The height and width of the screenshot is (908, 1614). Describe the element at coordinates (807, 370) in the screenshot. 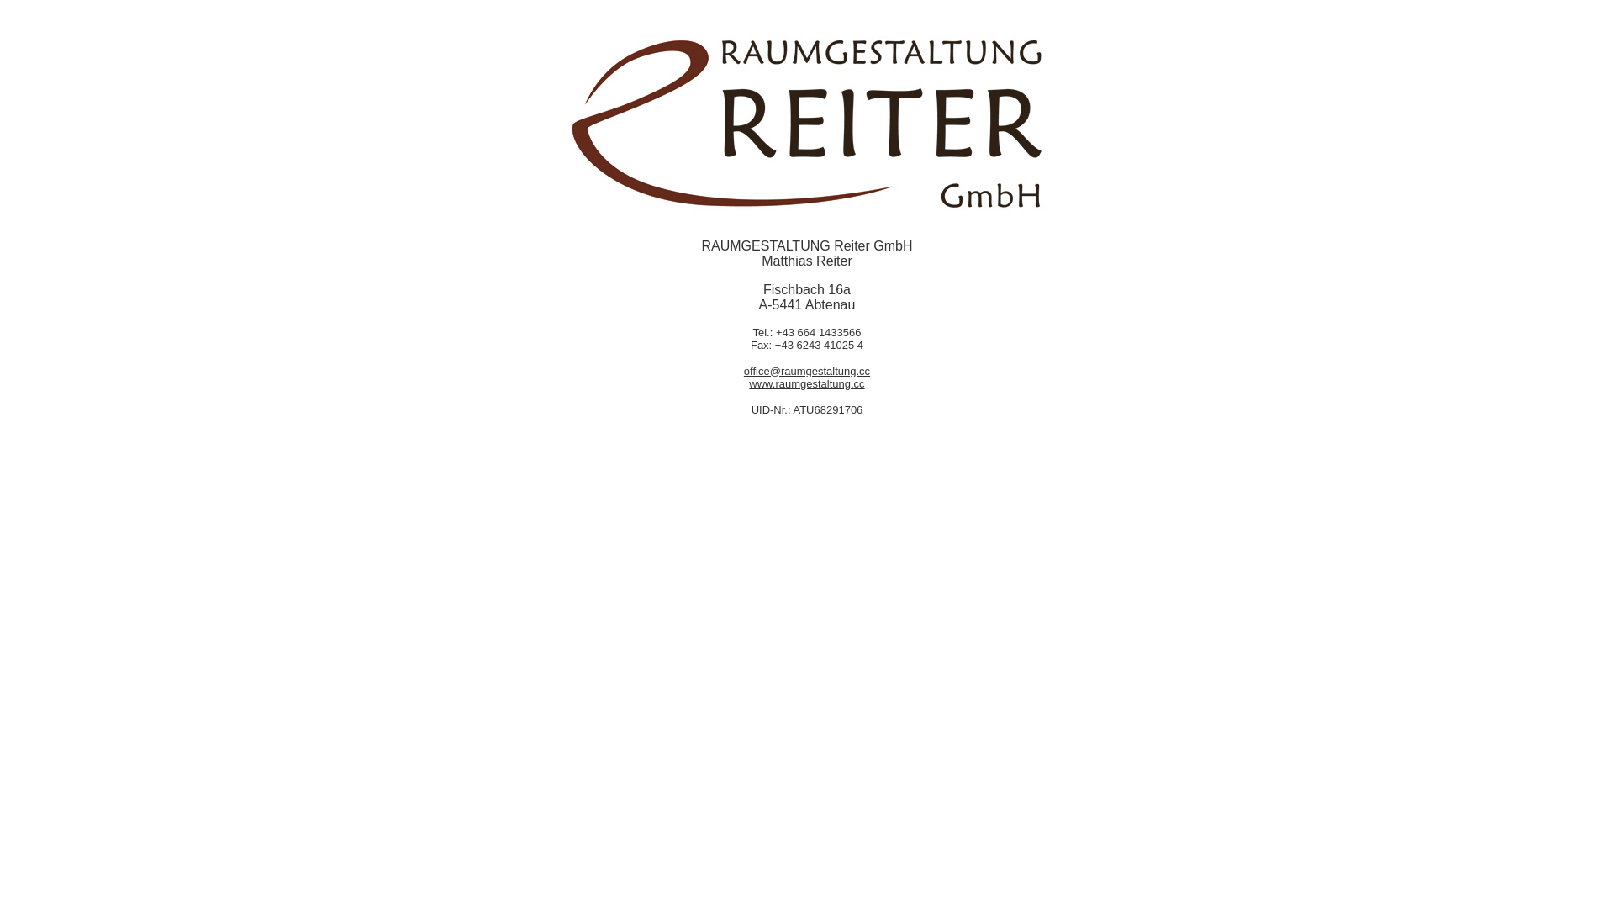

I see `'office@raumgestaltung.cc'` at that location.